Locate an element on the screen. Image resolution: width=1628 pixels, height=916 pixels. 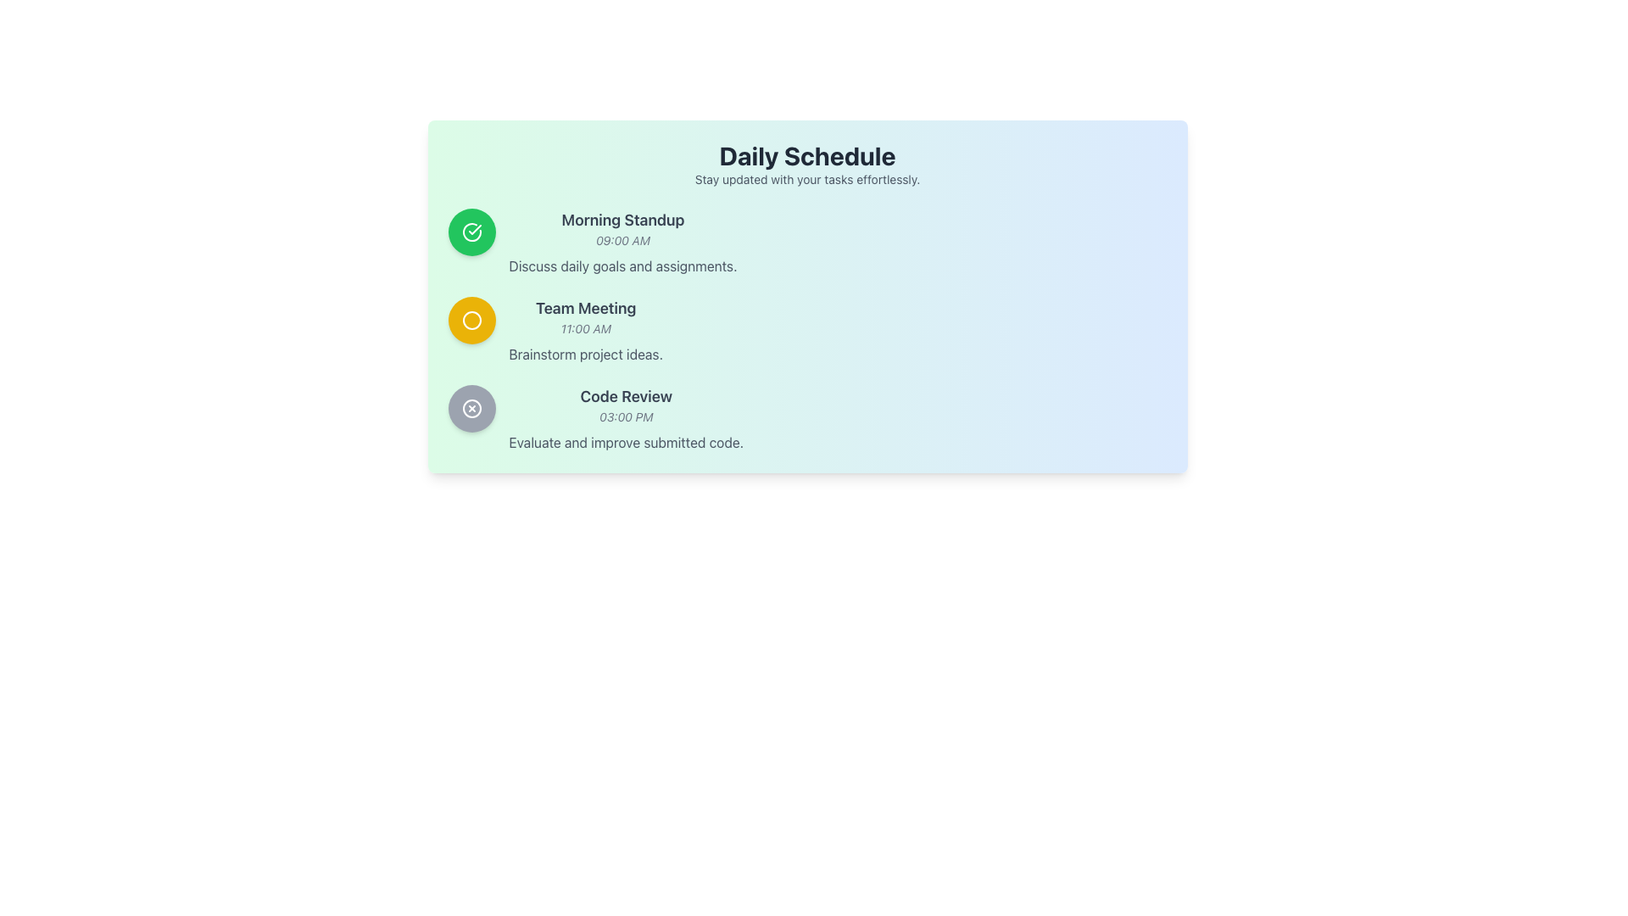
the third Icon button or indicator for the 'Code Review' task located to the left of the task item in a list of scheduled events is located at coordinates (471, 409).